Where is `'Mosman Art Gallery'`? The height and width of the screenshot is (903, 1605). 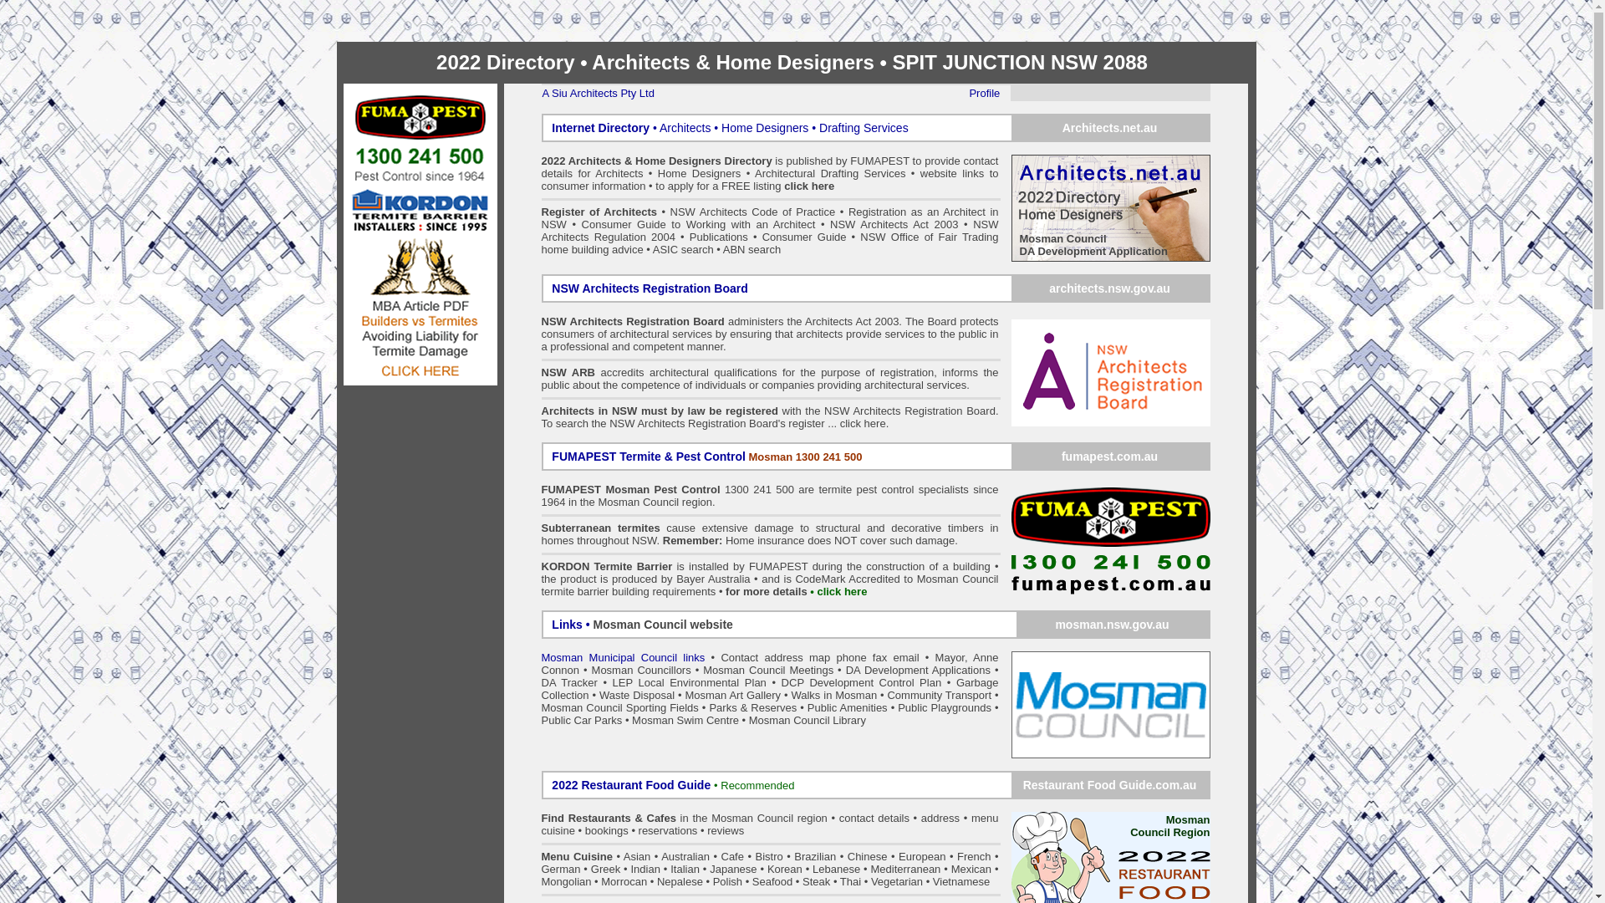 'Mosman Art Gallery' is located at coordinates (732, 695).